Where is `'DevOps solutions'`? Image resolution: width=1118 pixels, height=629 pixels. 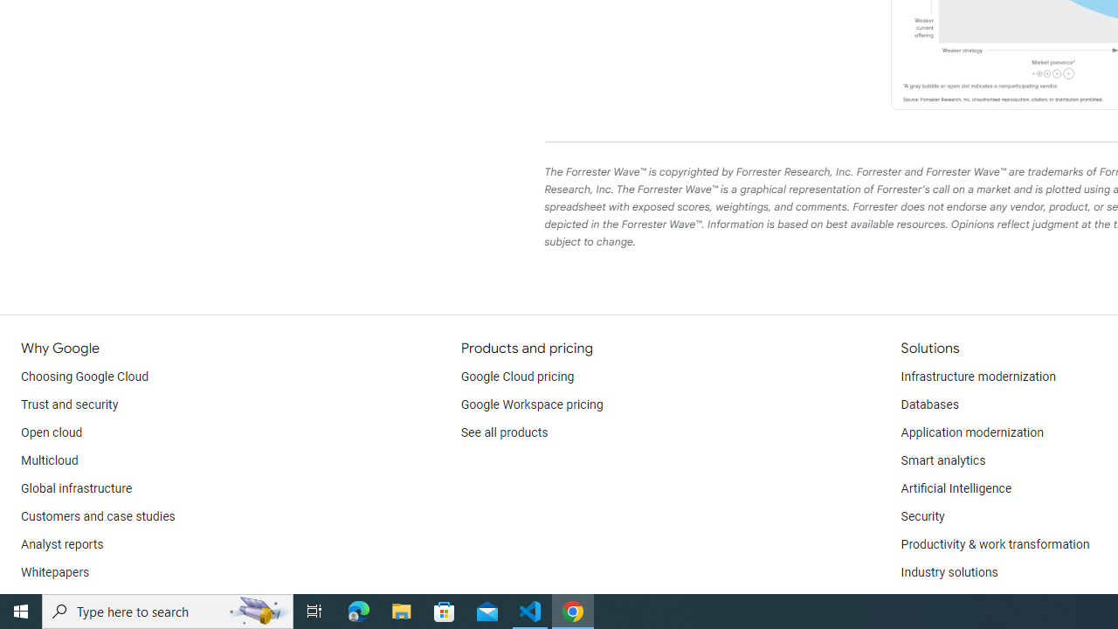
'DevOps solutions' is located at coordinates (947, 599).